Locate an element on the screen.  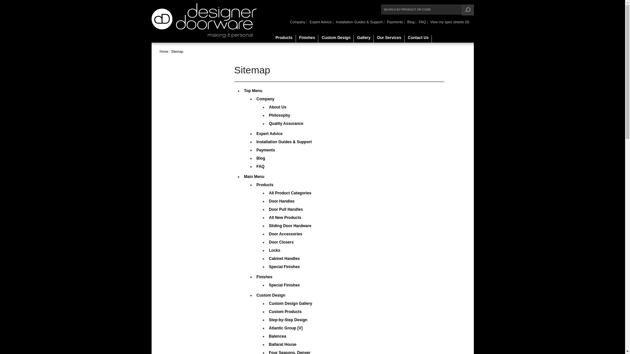
'About Us' is located at coordinates (269, 107).